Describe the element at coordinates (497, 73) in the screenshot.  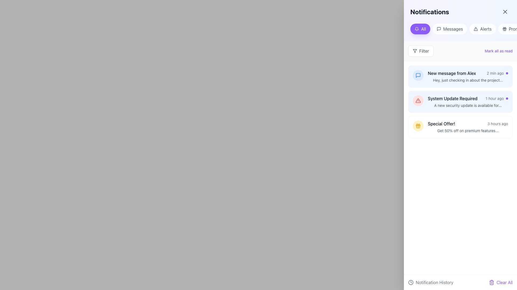
I see `the text label '2 min ago' next to the purple dot icon in the 'New message from Alex' notification entry` at that location.